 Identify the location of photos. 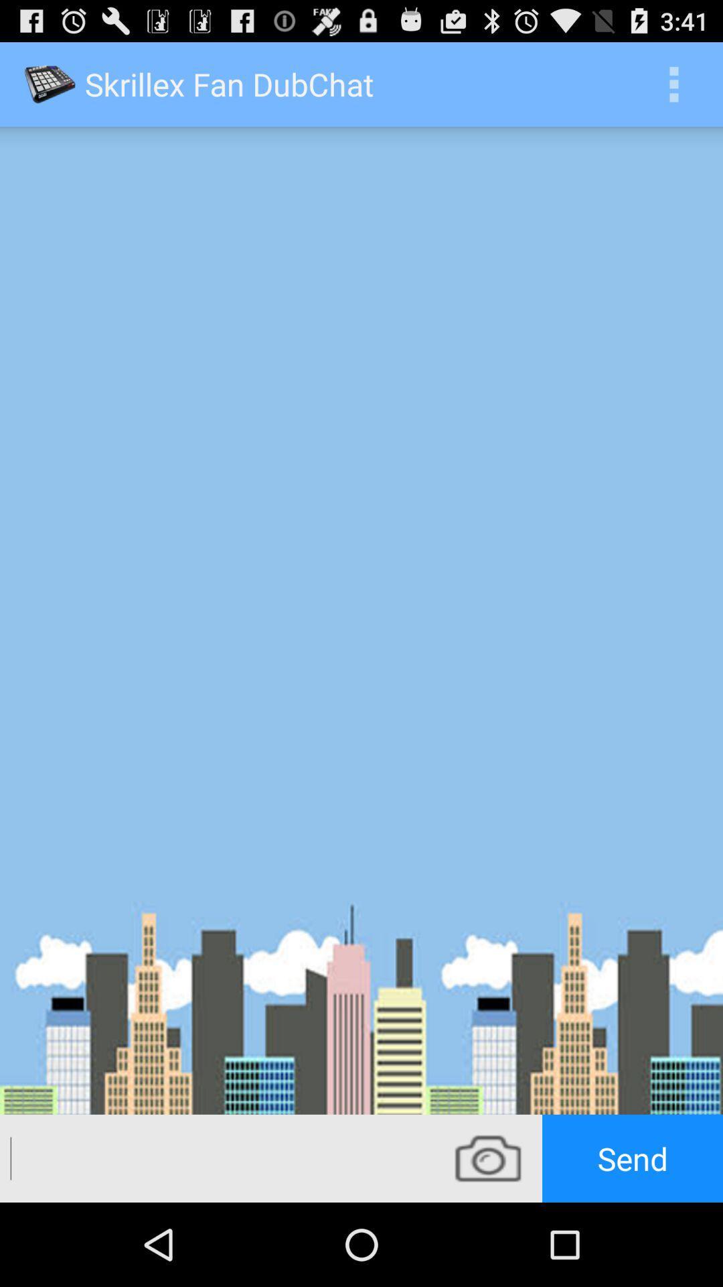
(488, 1158).